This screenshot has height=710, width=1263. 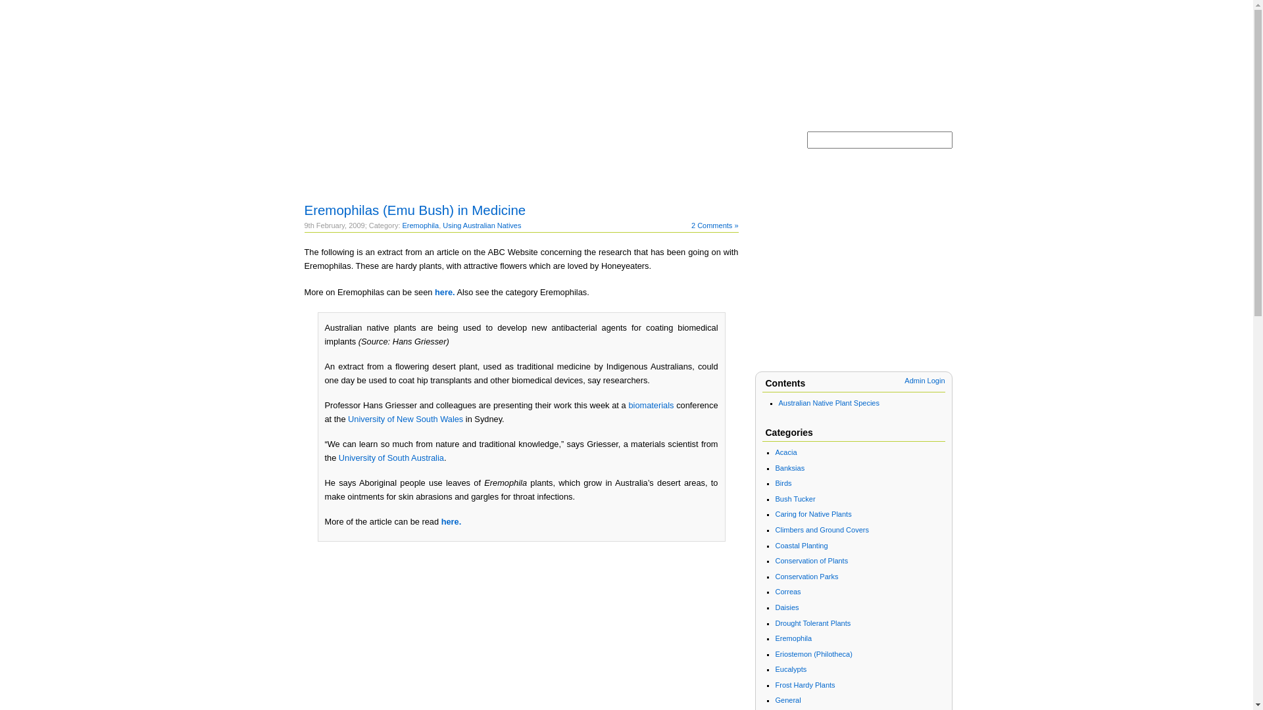 I want to click on 'Home', so click(x=331, y=147).